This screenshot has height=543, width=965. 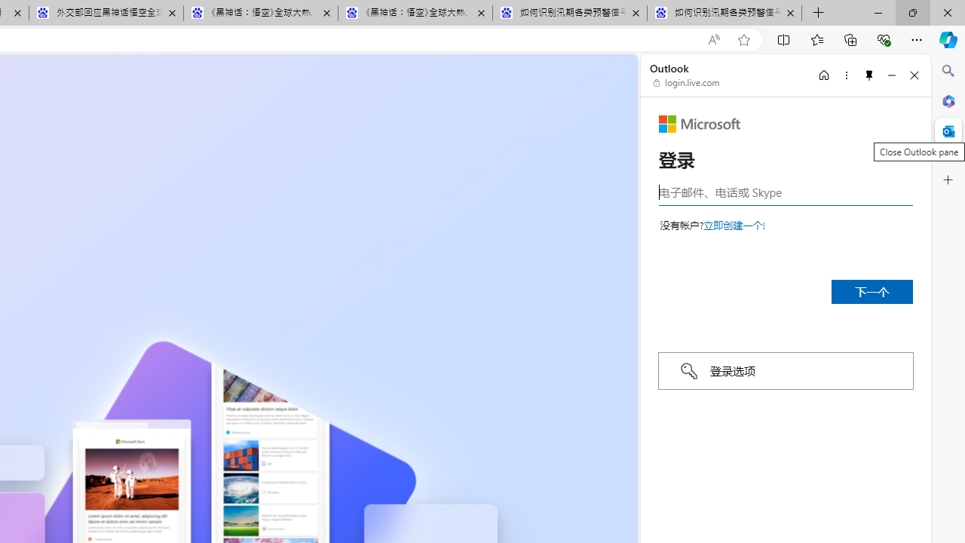 I want to click on 'login.live.com', so click(x=686, y=83).